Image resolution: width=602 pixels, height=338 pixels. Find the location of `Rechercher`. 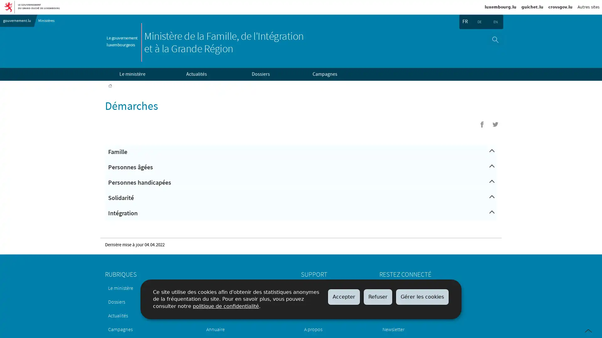

Rechercher is located at coordinates (495, 39).